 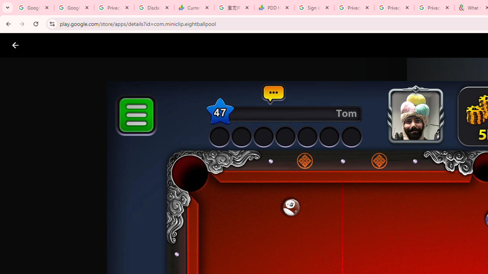 I want to click on 'Google Play logo', so click(x=42, y=45).